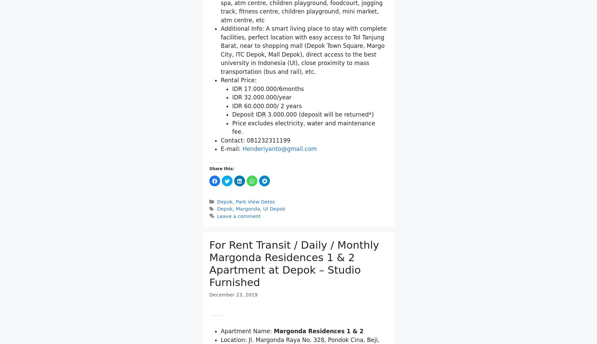 This screenshot has width=597, height=344. Describe the element at coordinates (221, 12) in the screenshot. I see `'Bedroom: 1 (with 2 bed)'` at that location.